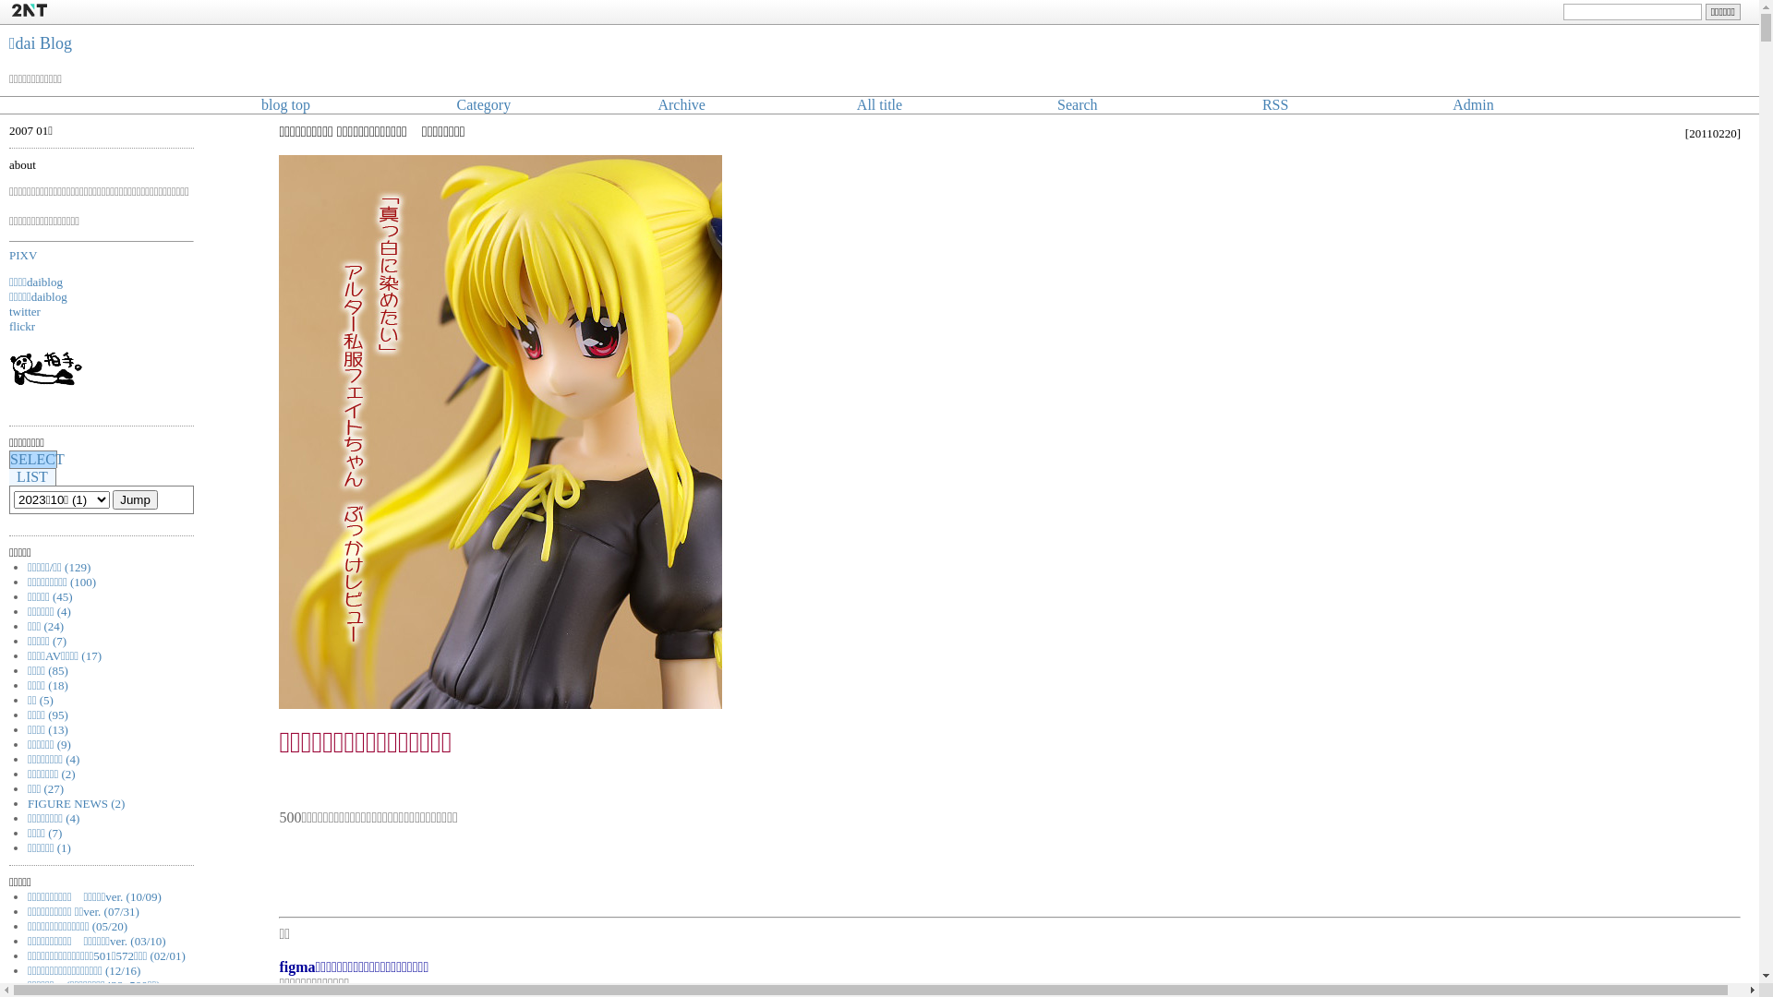 This screenshot has height=997, width=1773. I want to click on 'All title', so click(878, 104).